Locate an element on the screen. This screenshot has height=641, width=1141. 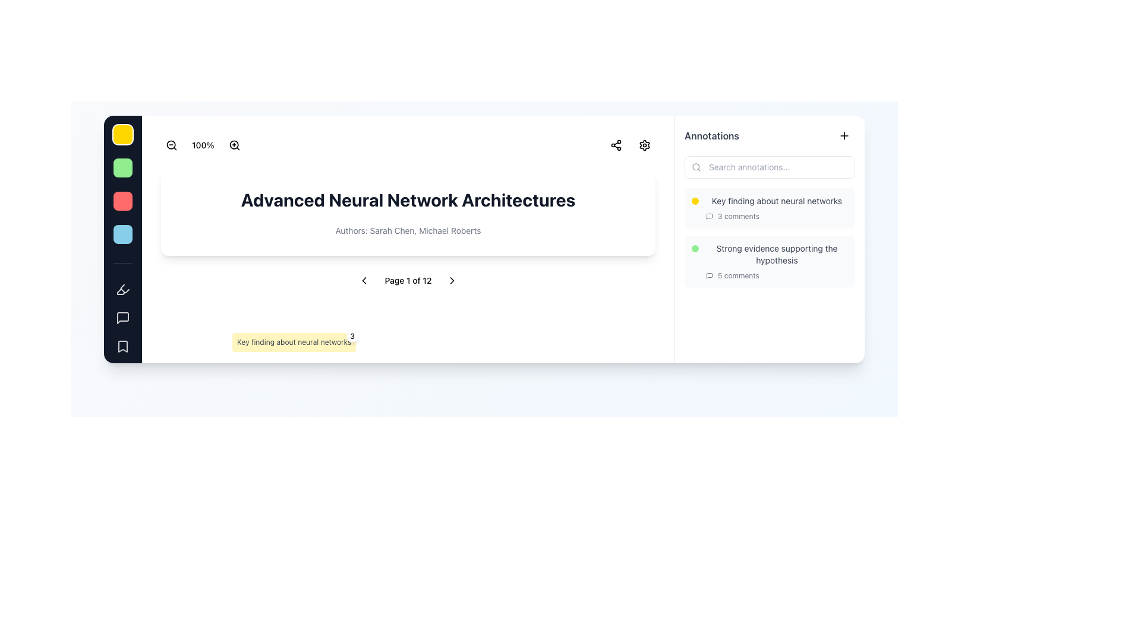
the zoom button located to the right of the '100%' indicator in the top central portion of the interface is located at coordinates (234, 145).